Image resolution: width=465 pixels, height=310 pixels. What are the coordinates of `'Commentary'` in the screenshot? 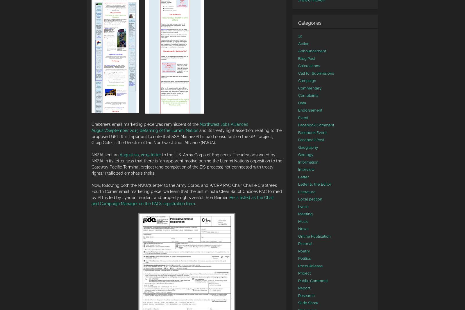 It's located at (310, 88).